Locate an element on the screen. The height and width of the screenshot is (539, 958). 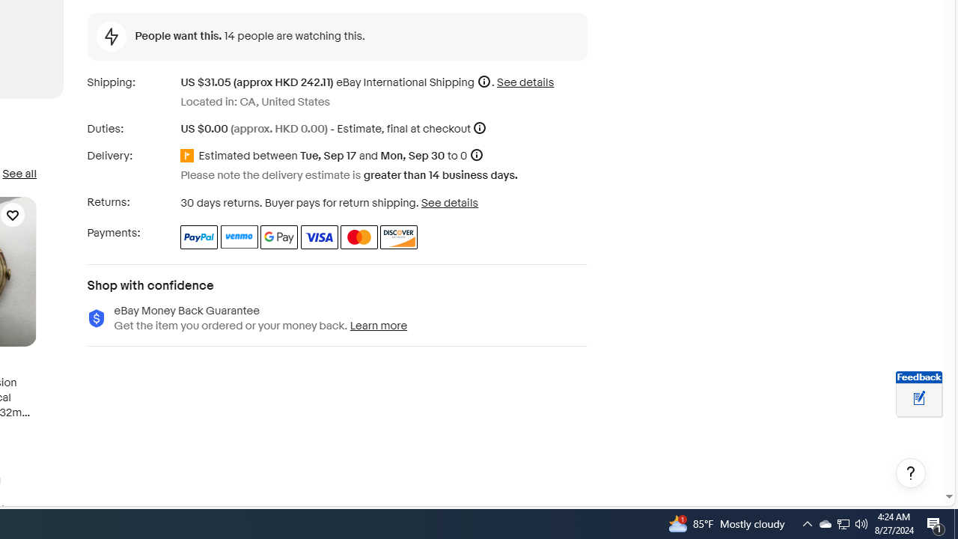
'More information' is located at coordinates (480, 127).